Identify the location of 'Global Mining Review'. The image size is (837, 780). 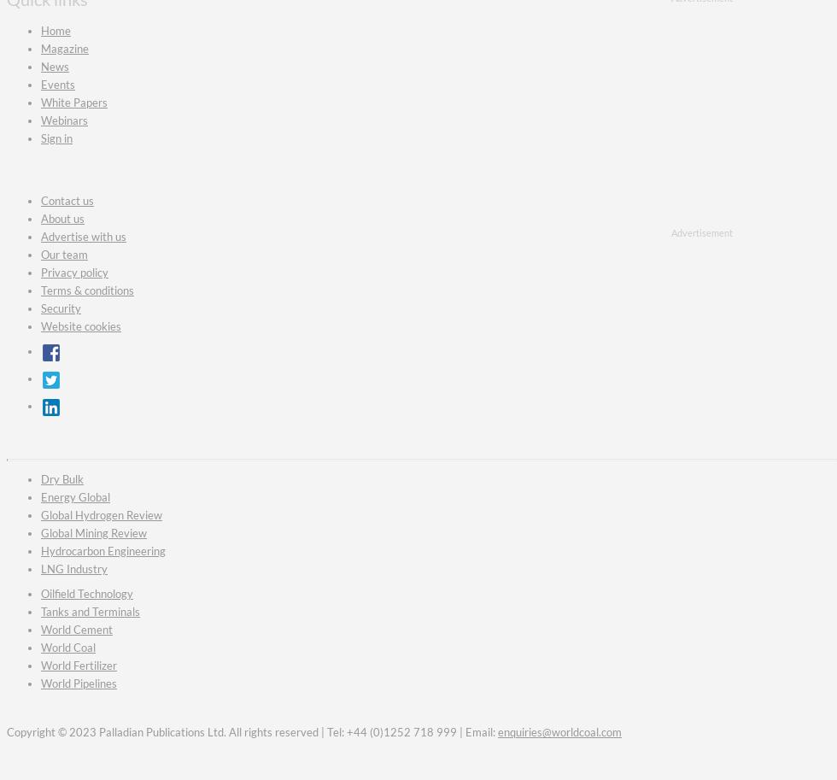
(93, 532).